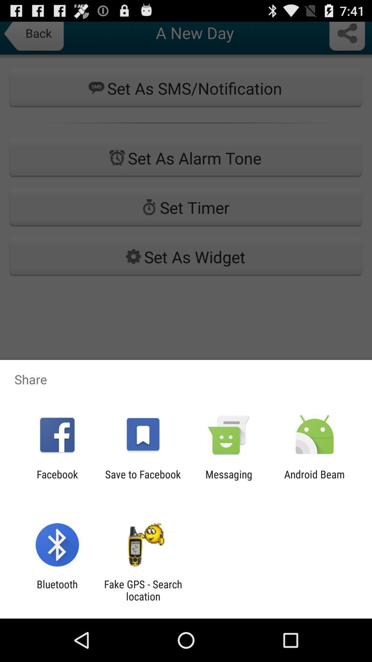 This screenshot has height=662, width=372. Describe the element at coordinates (57, 590) in the screenshot. I see `the app to the left of fake gps search app` at that location.